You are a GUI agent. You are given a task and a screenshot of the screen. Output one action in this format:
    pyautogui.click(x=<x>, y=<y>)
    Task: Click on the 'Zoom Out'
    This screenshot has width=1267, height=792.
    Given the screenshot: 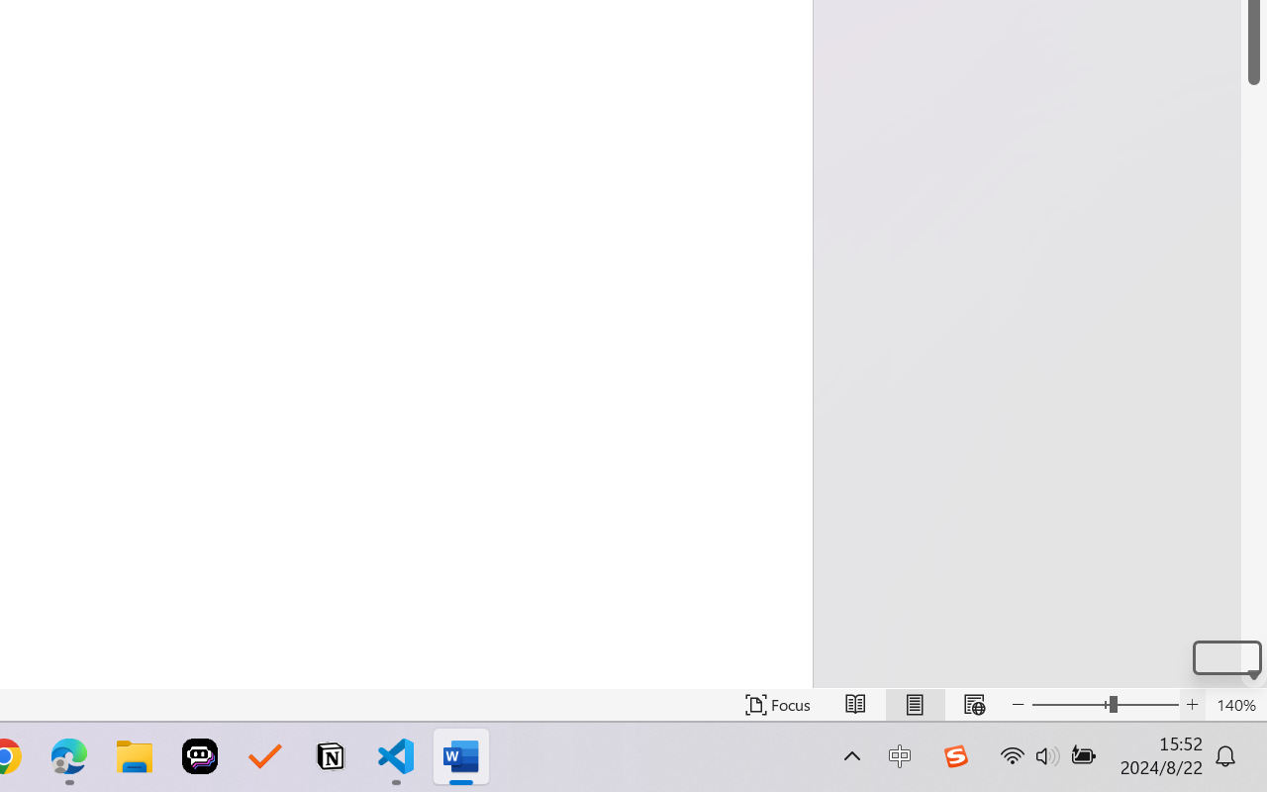 What is the action you would take?
    pyautogui.click(x=1069, y=704)
    